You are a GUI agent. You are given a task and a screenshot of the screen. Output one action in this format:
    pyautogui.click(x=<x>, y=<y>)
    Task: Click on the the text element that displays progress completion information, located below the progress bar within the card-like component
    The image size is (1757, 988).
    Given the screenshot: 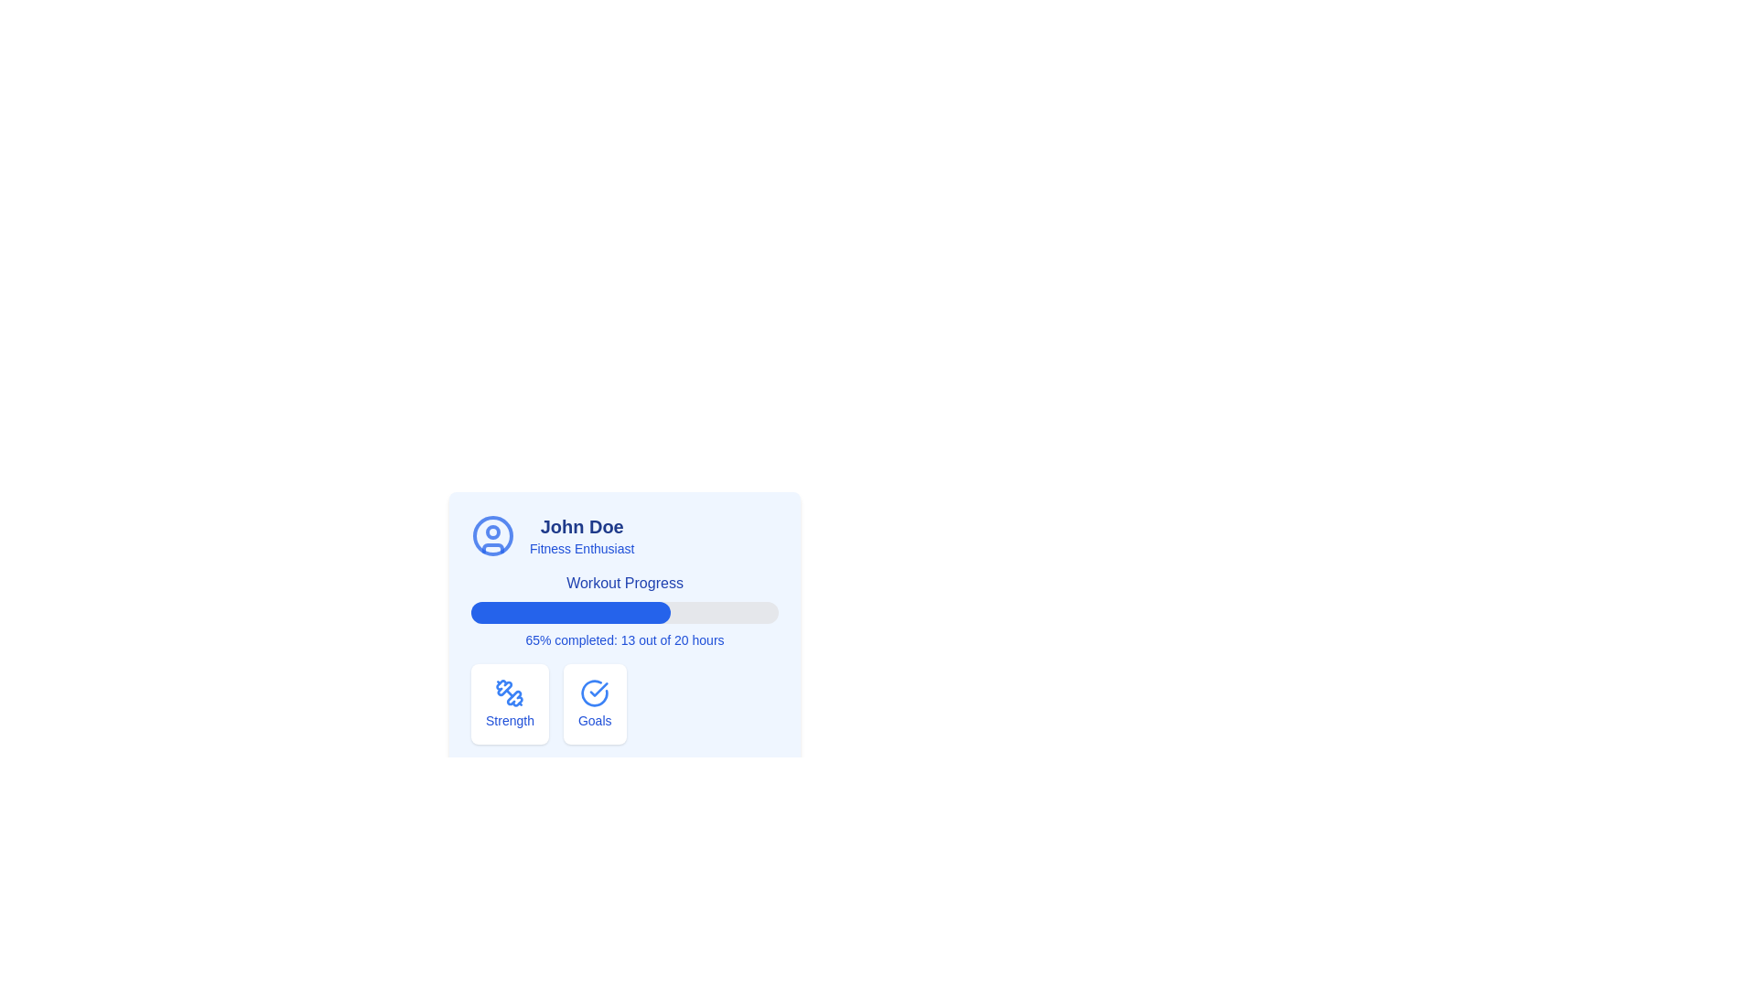 What is the action you would take?
    pyautogui.click(x=624, y=639)
    